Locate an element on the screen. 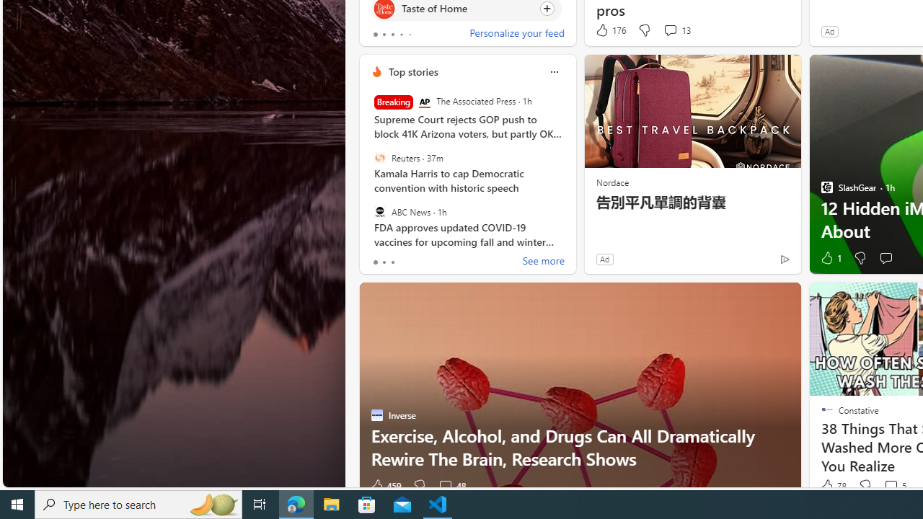 The image size is (923, 519). 'ABC News' is located at coordinates (379, 211).